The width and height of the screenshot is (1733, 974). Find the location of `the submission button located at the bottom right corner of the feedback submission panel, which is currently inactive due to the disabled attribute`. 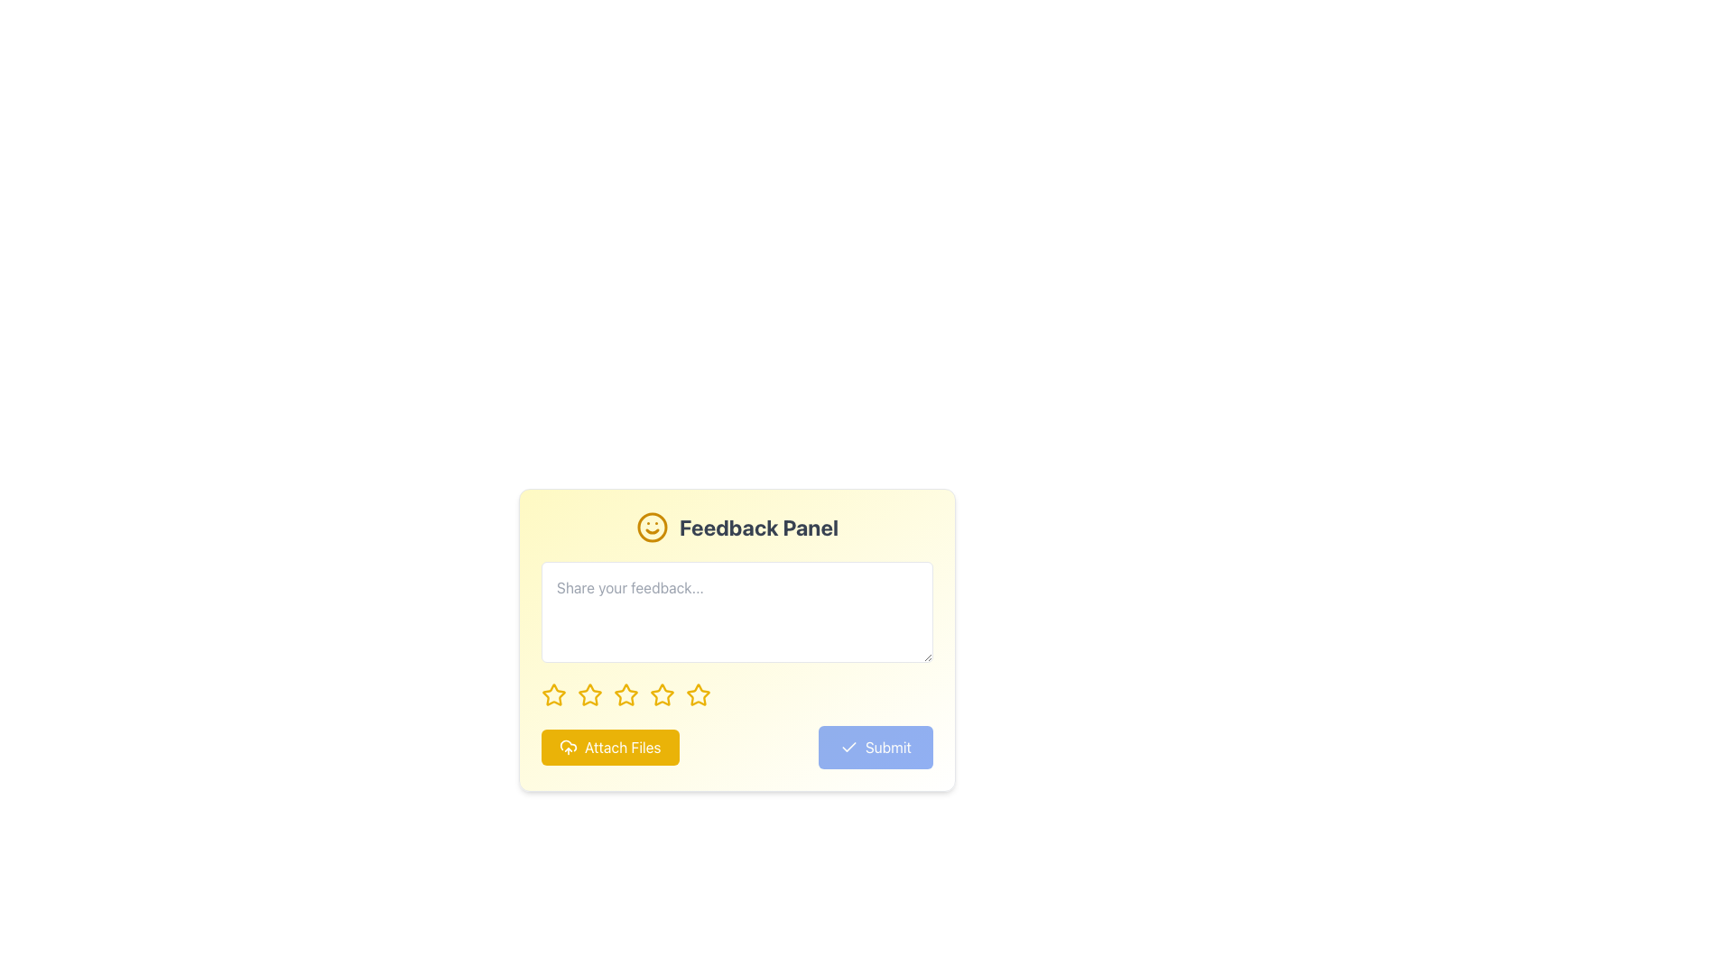

the submission button located at the bottom right corner of the feedback submission panel, which is currently inactive due to the disabled attribute is located at coordinates (876, 748).